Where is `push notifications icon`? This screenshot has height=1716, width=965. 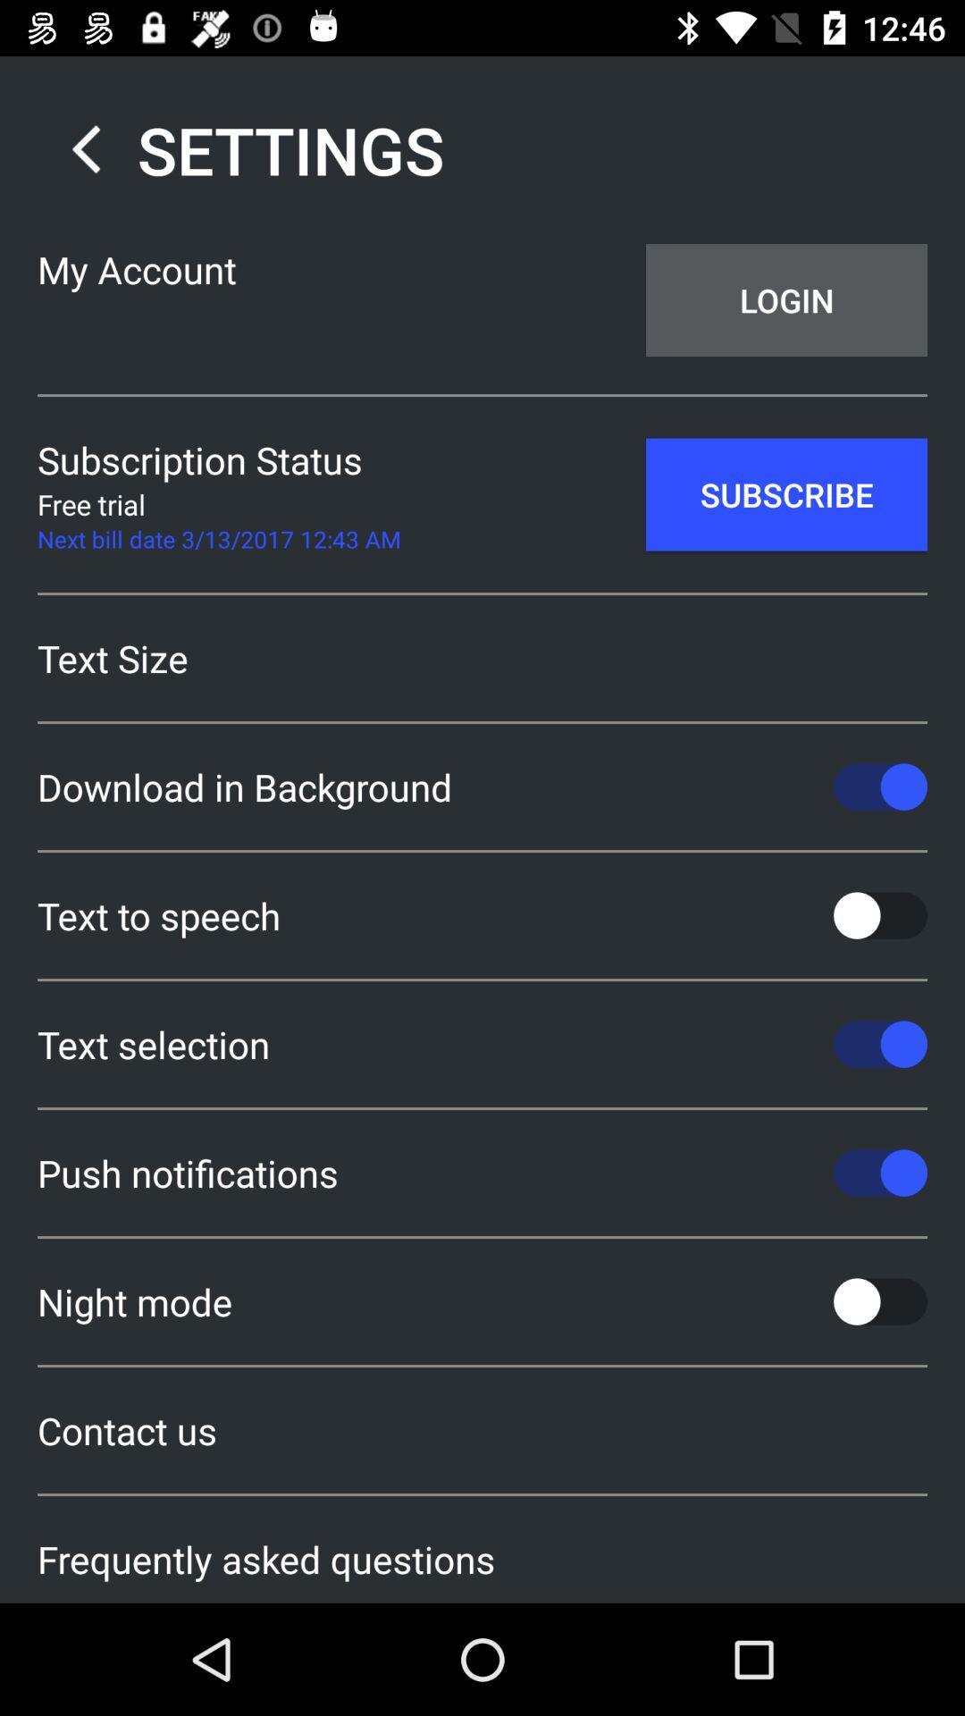 push notifications icon is located at coordinates (482, 1173).